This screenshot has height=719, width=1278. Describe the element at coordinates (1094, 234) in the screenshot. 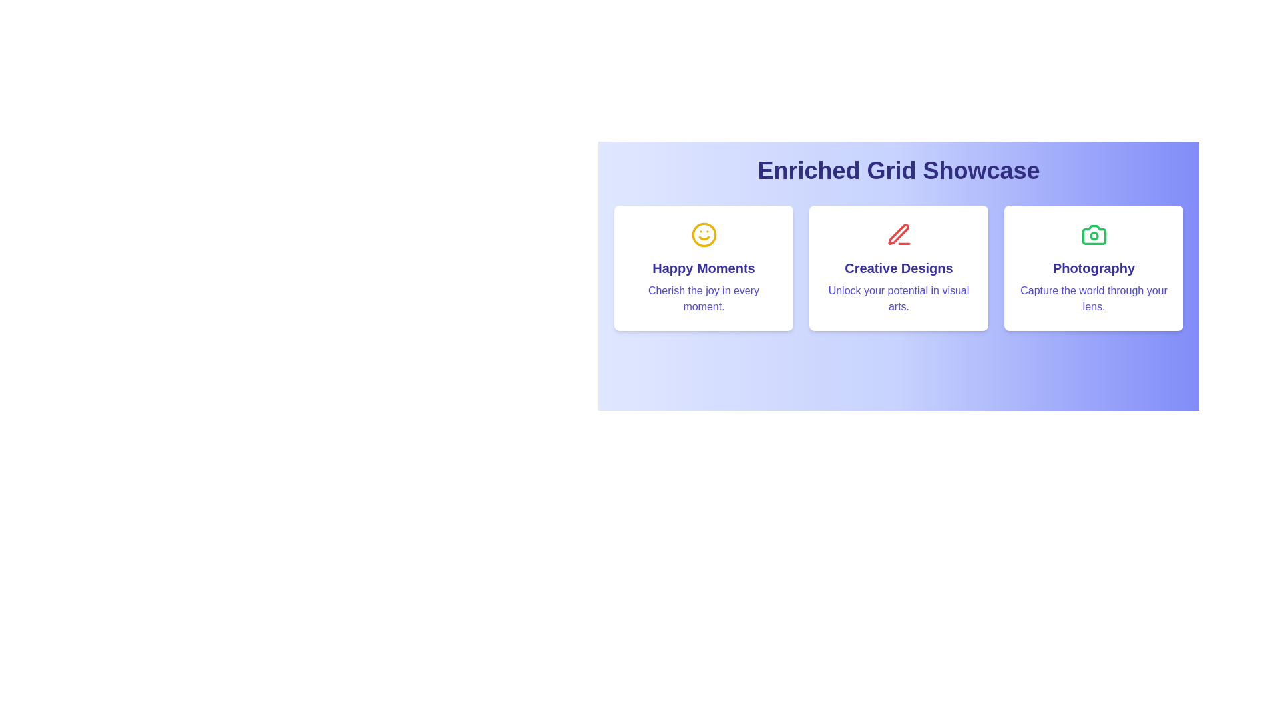

I see `the camera icon with a green outline located at the top inside the third card labeled 'Photography' in the right-hand column of the grid layout` at that location.